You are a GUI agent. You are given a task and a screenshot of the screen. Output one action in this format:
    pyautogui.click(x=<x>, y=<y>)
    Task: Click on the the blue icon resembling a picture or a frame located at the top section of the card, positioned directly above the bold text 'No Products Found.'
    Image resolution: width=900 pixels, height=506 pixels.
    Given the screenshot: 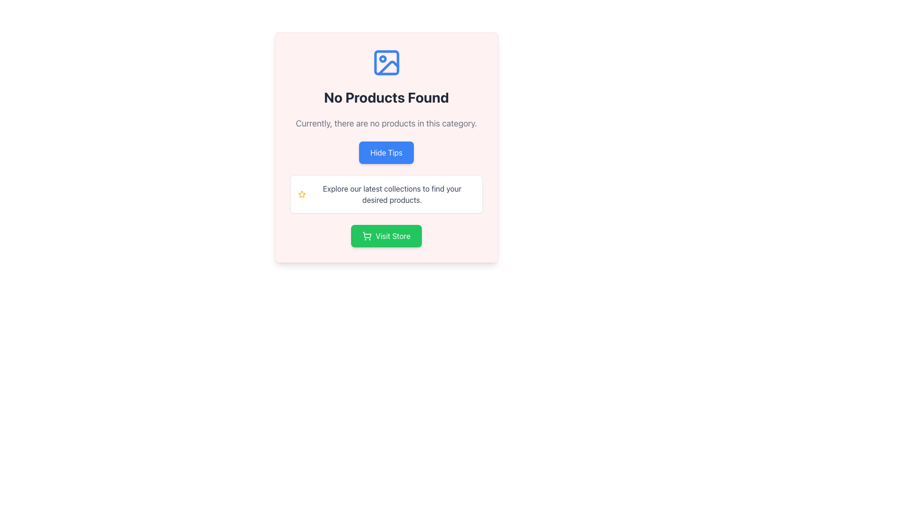 What is the action you would take?
    pyautogui.click(x=386, y=63)
    